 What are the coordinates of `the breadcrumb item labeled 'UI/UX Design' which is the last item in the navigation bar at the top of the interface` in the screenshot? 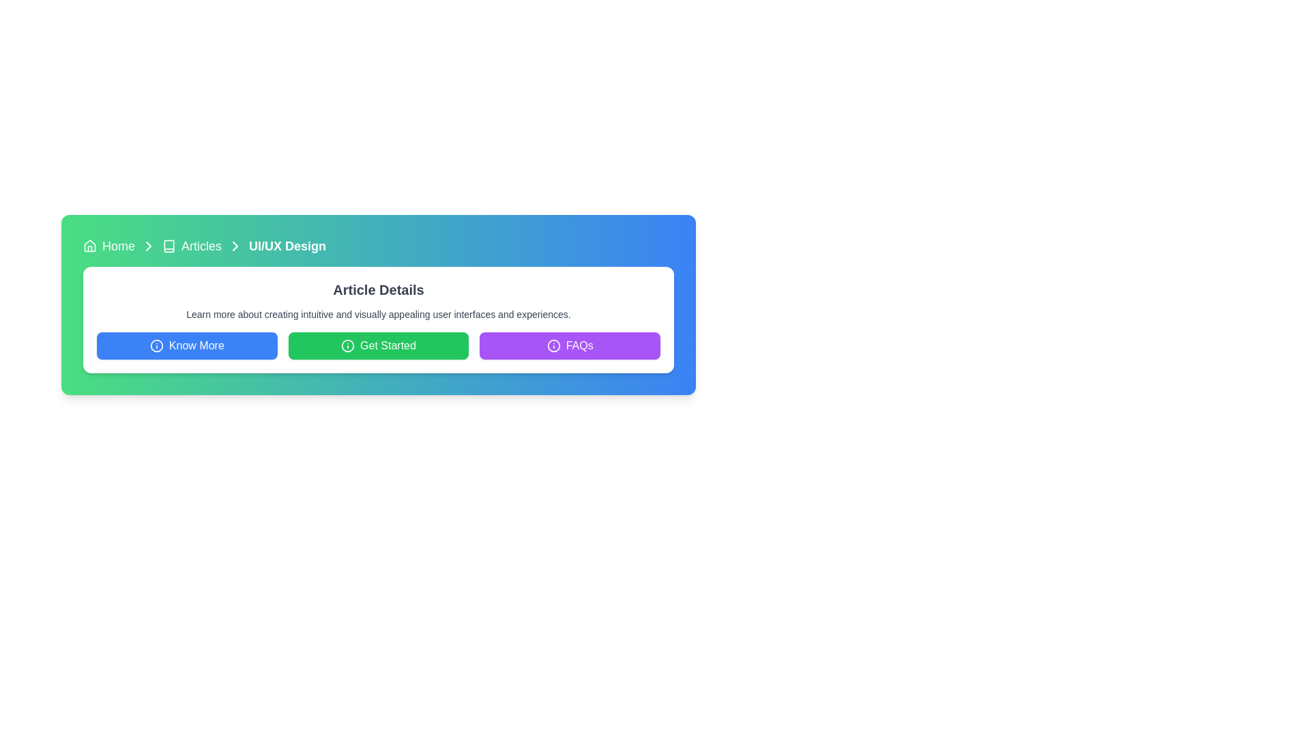 It's located at (287, 246).